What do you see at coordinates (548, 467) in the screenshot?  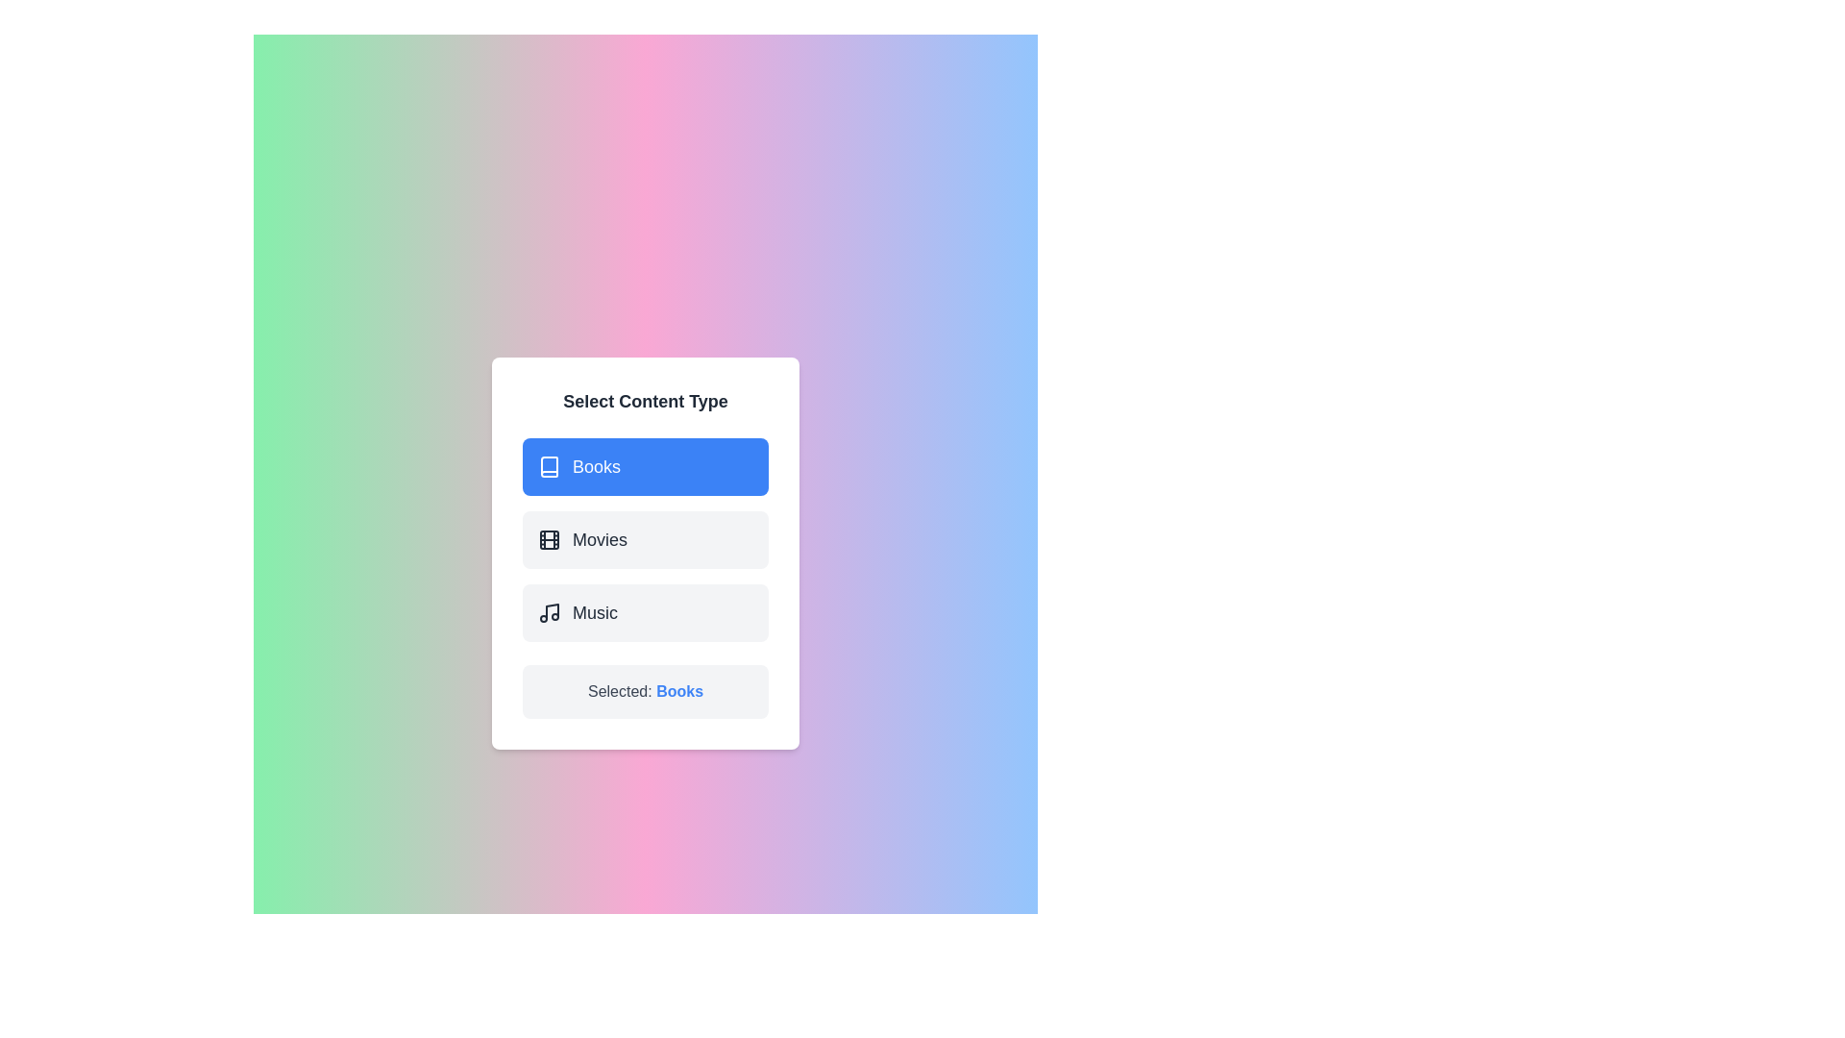 I see `the 'Books' icon, which is part of a vertical list of content types` at bounding box center [548, 467].